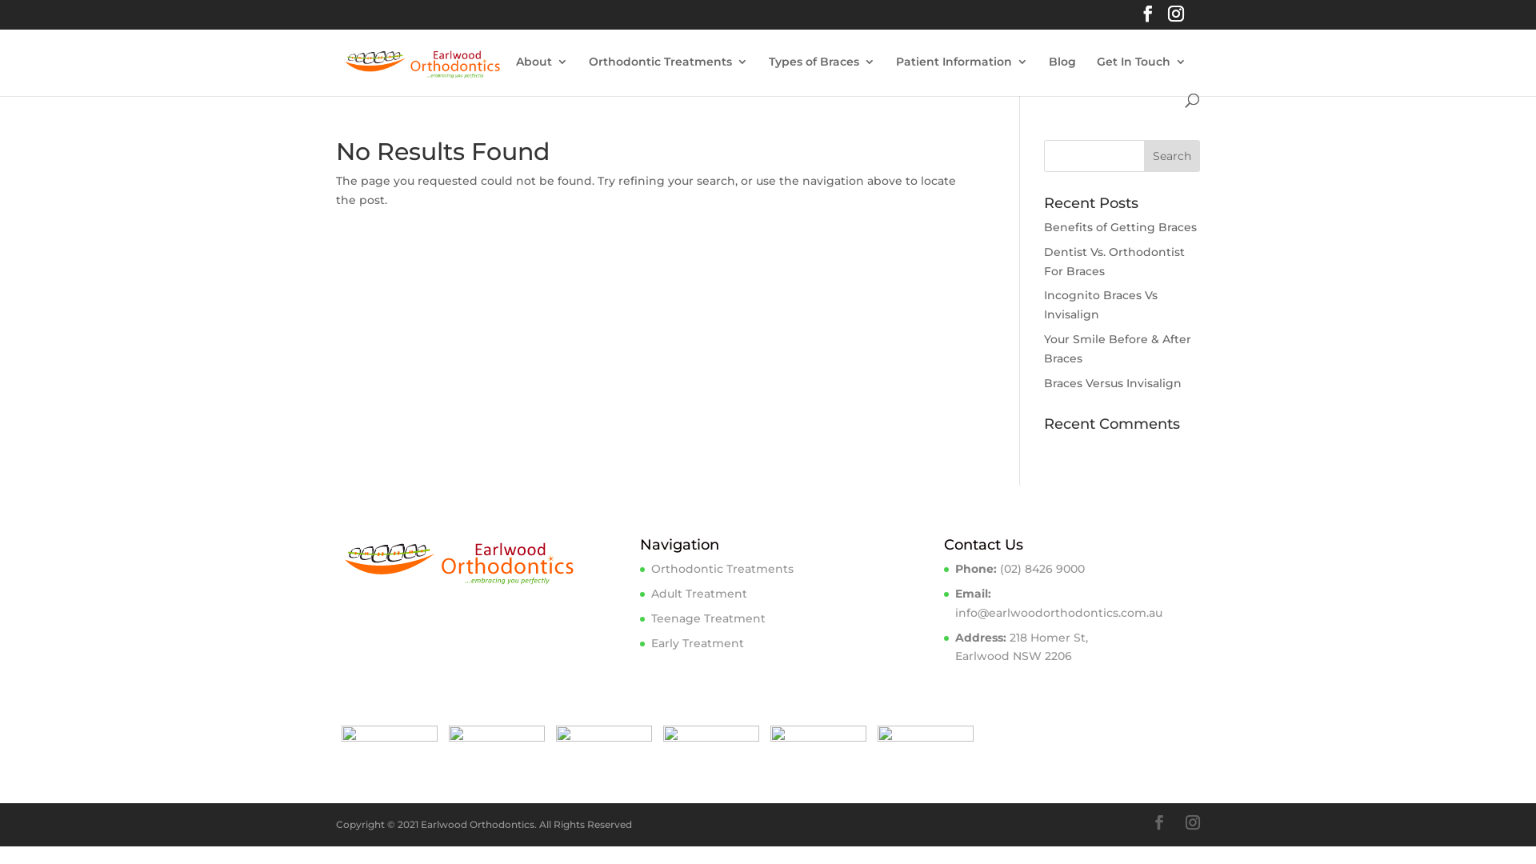 This screenshot has width=1536, height=864. I want to click on 'Early Treatment', so click(698, 642).